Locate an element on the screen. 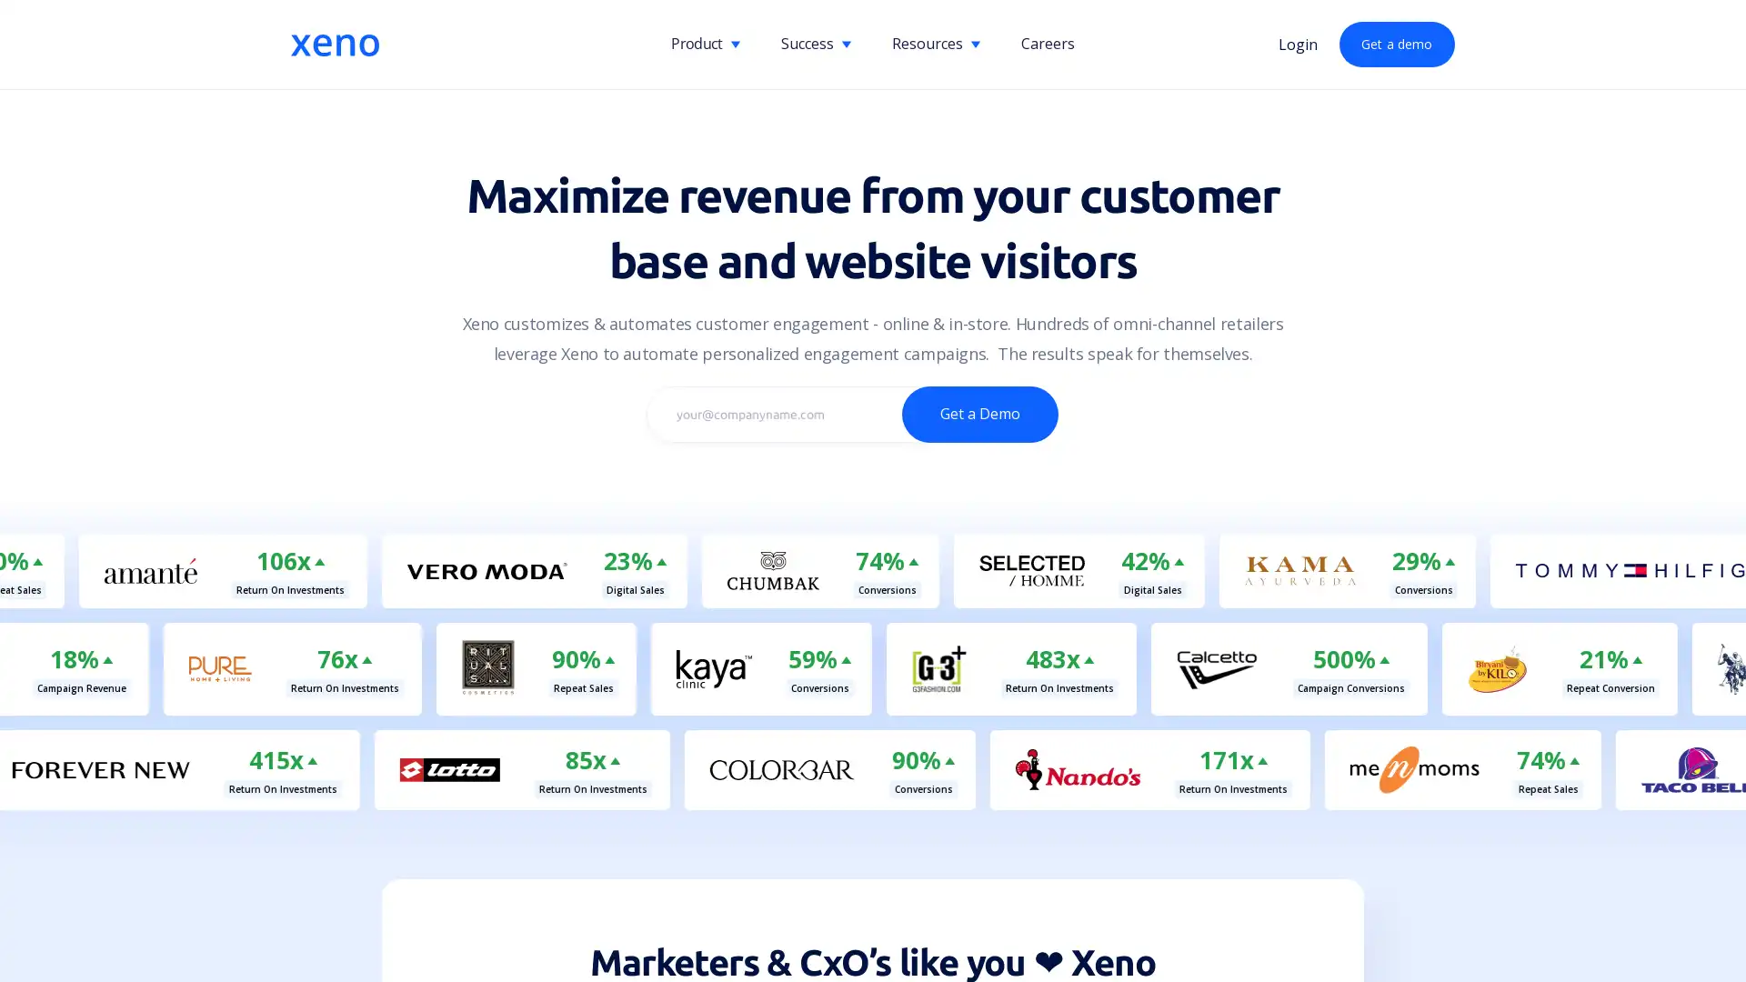 Image resolution: width=1746 pixels, height=982 pixels. Get a Demo is located at coordinates (979, 414).